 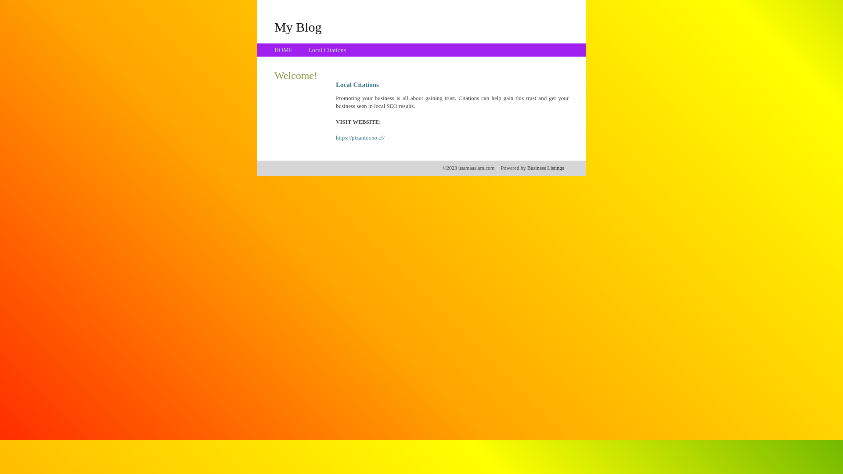 I want to click on 'https://pizaniooho.cf/', so click(x=360, y=137).